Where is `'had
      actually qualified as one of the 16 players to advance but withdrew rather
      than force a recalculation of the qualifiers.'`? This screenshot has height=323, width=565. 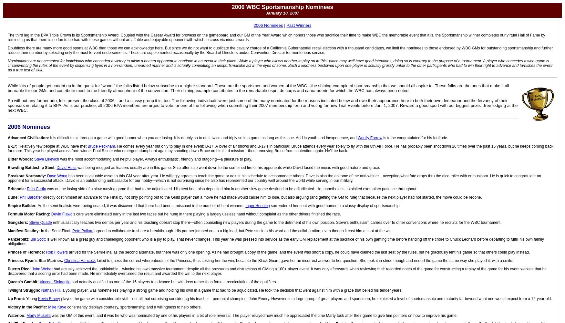 'had
      actually qualified as one of the 16 players to advance but withdrew rather
      than force a recalculation of the qualifiers.' is located at coordinates (173, 282).